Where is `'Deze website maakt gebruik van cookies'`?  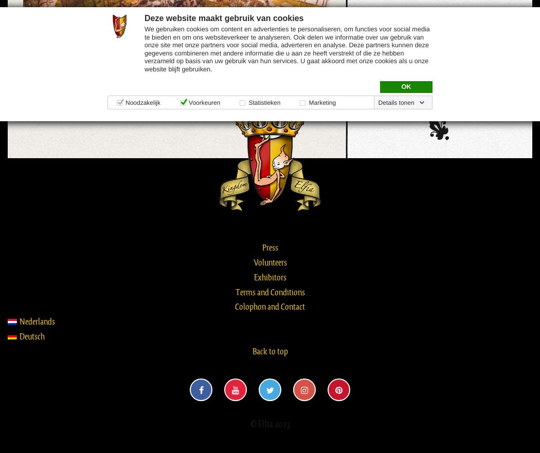
'Deze website maakt gebruik van cookies' is located at coordinates (223, 17).